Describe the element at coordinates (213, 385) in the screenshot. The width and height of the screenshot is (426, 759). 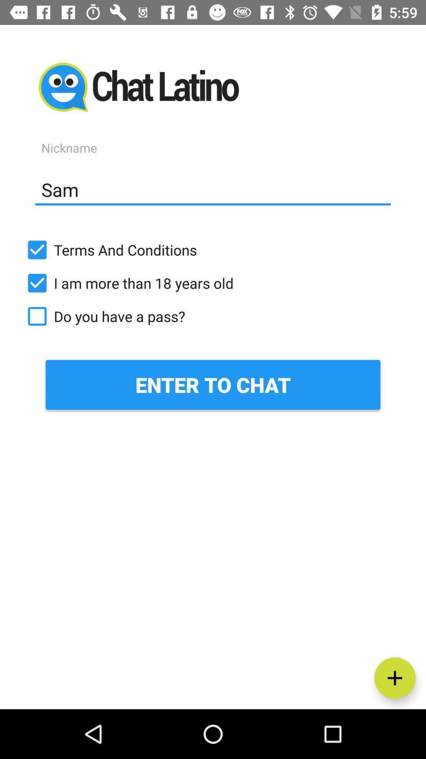
I see `enter to chat` at that location.